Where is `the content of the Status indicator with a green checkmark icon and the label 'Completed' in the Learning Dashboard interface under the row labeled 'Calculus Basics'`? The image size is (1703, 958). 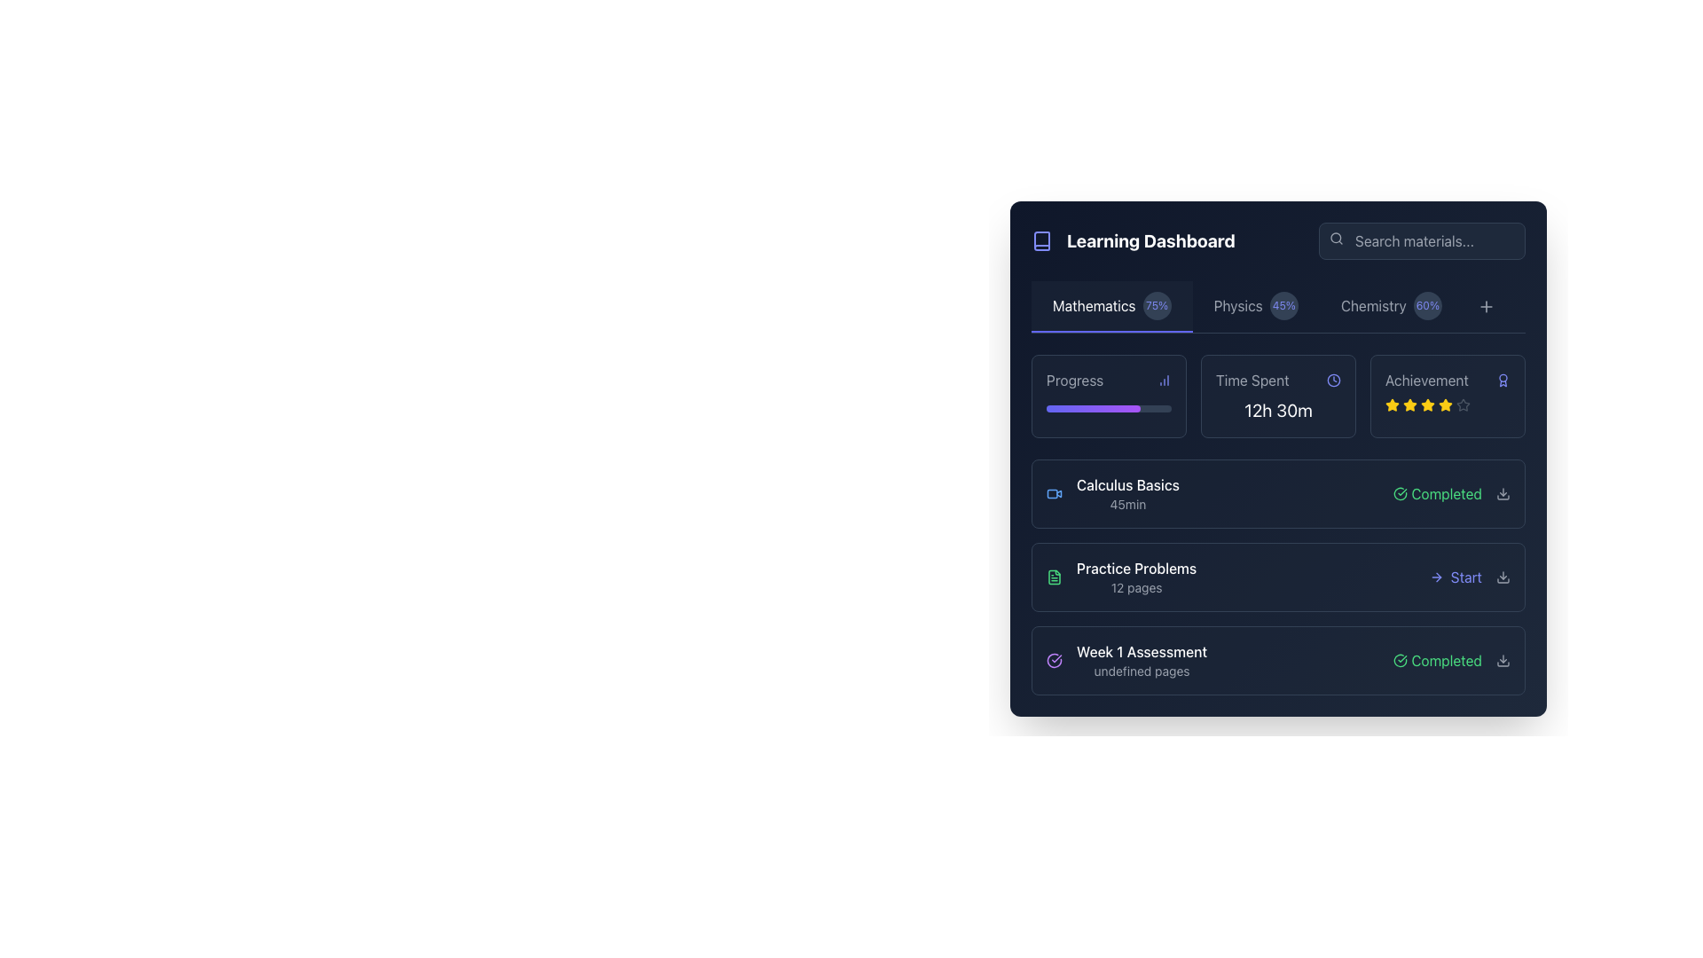
the content of the Status indicator with a green checkmark icon and the label 'Completed' in the Learning Dashboard interface under the row labeled 'Calculus Basics' is located at coordinates (1438, 493).